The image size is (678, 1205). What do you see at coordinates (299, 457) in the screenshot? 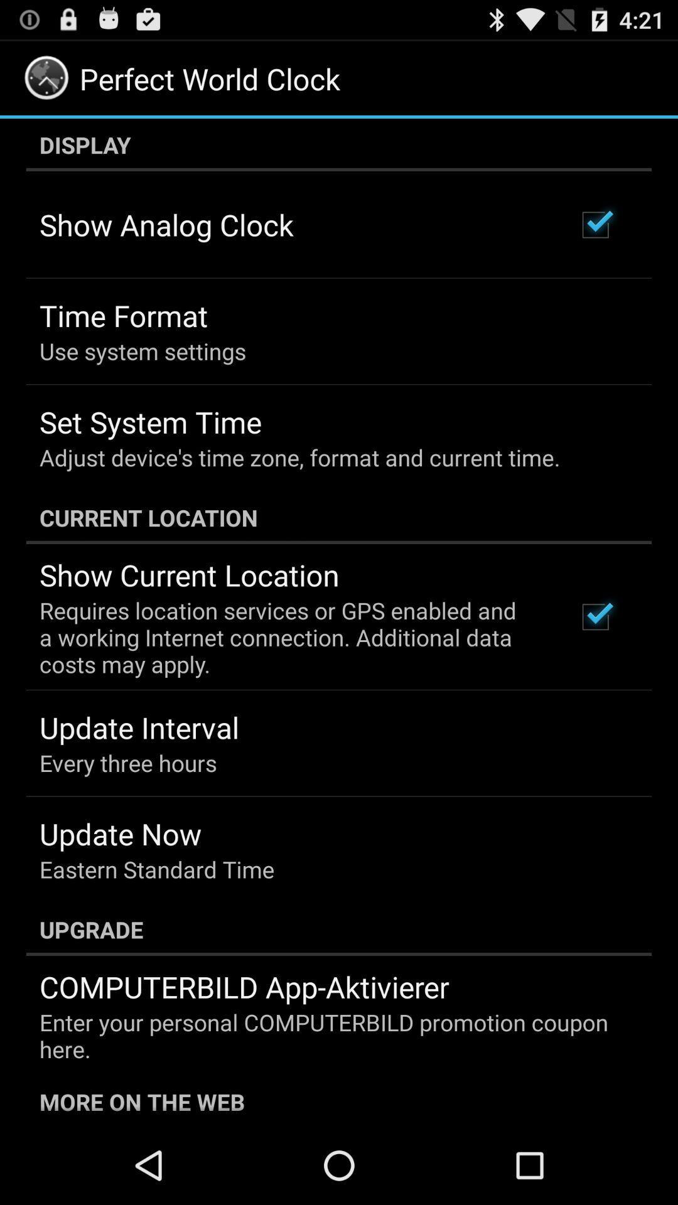
I see `item above current location app` at bounding box center [299, 457].